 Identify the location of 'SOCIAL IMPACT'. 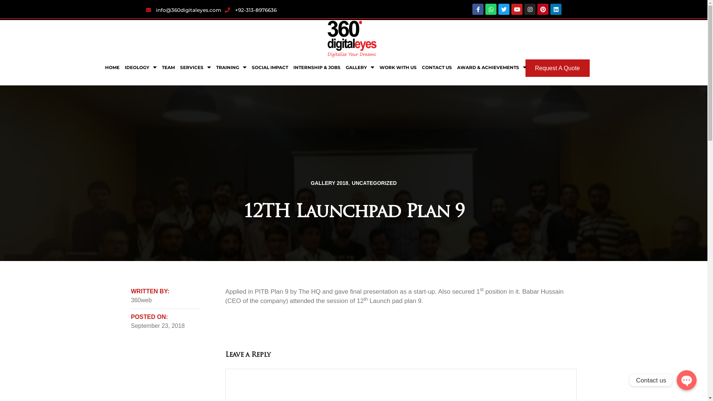
(269, 67).